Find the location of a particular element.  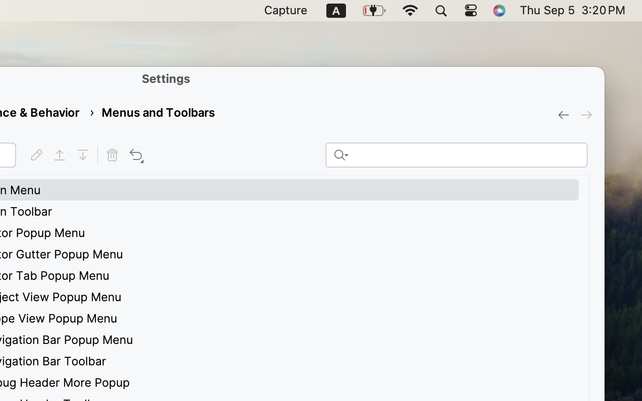

'Settings' is located at coordinates (165, 78).